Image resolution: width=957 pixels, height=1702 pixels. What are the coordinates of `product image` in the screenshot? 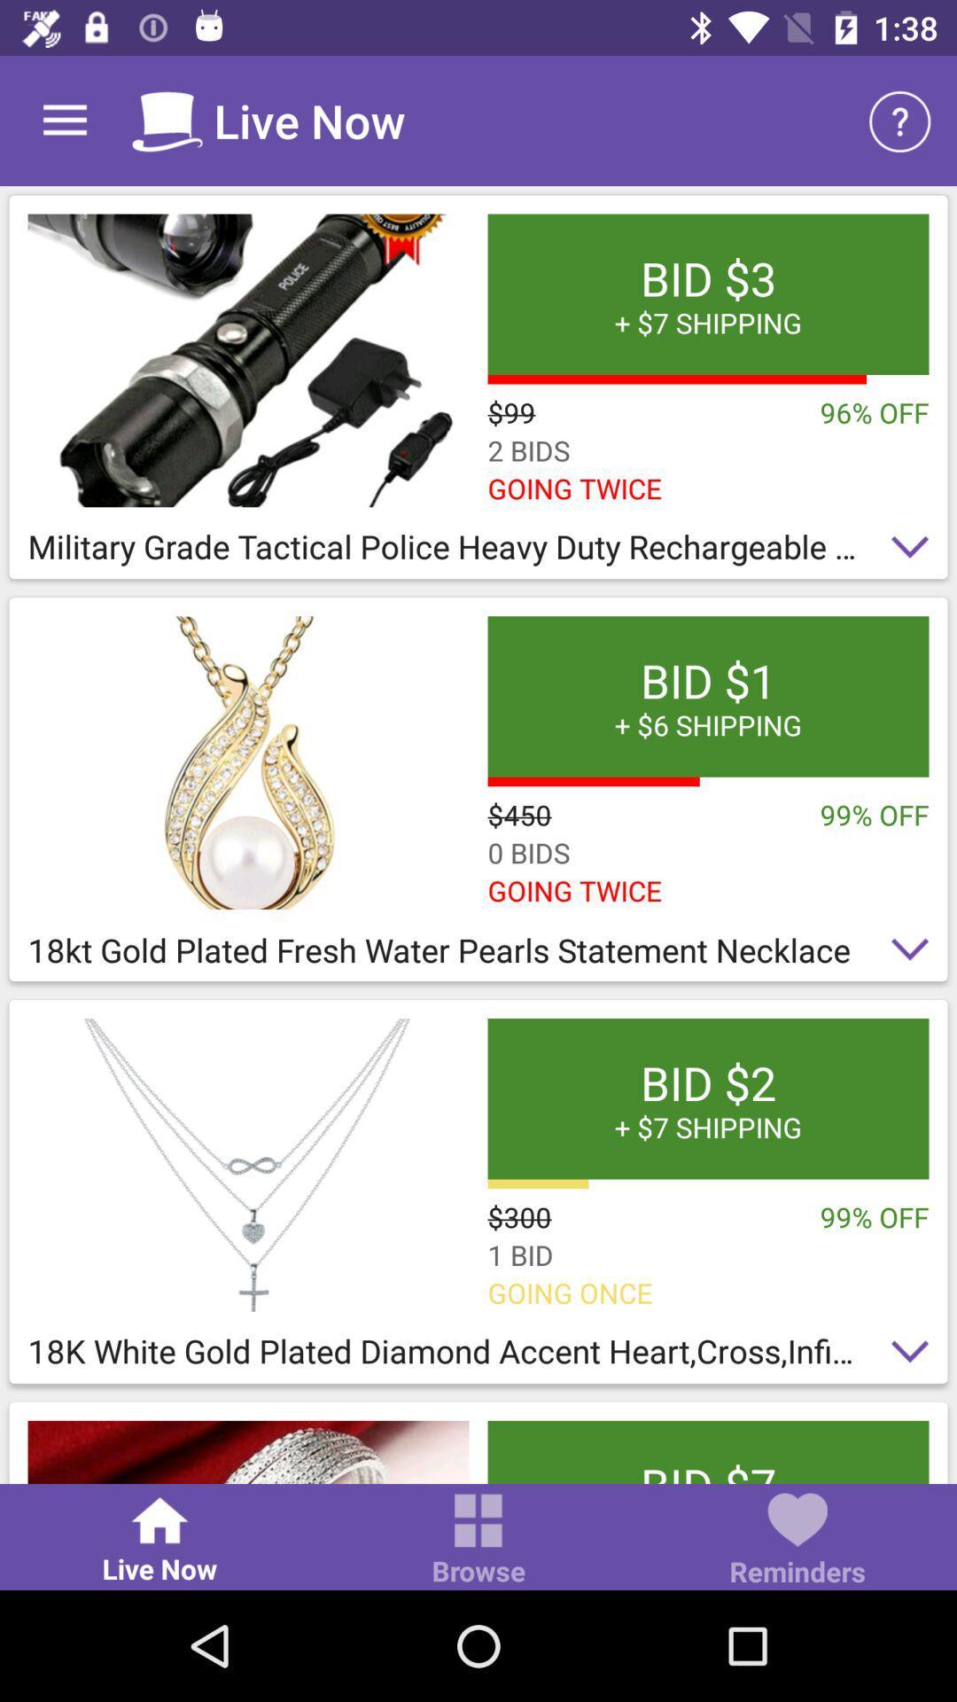 It's located at (248, 359).